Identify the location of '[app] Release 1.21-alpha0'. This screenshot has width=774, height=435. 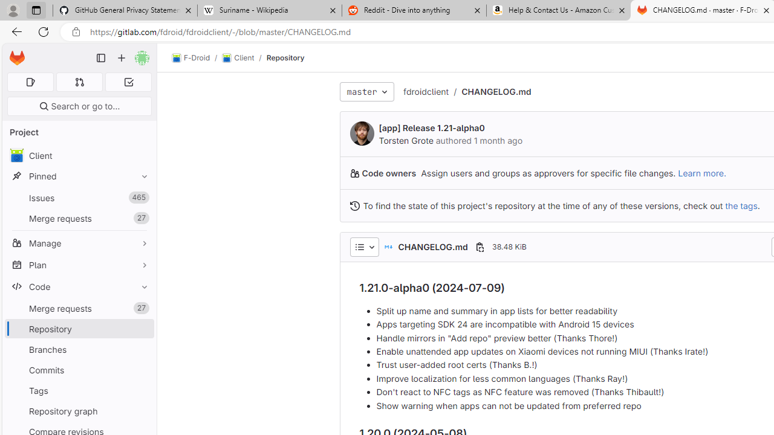
(432, 127).